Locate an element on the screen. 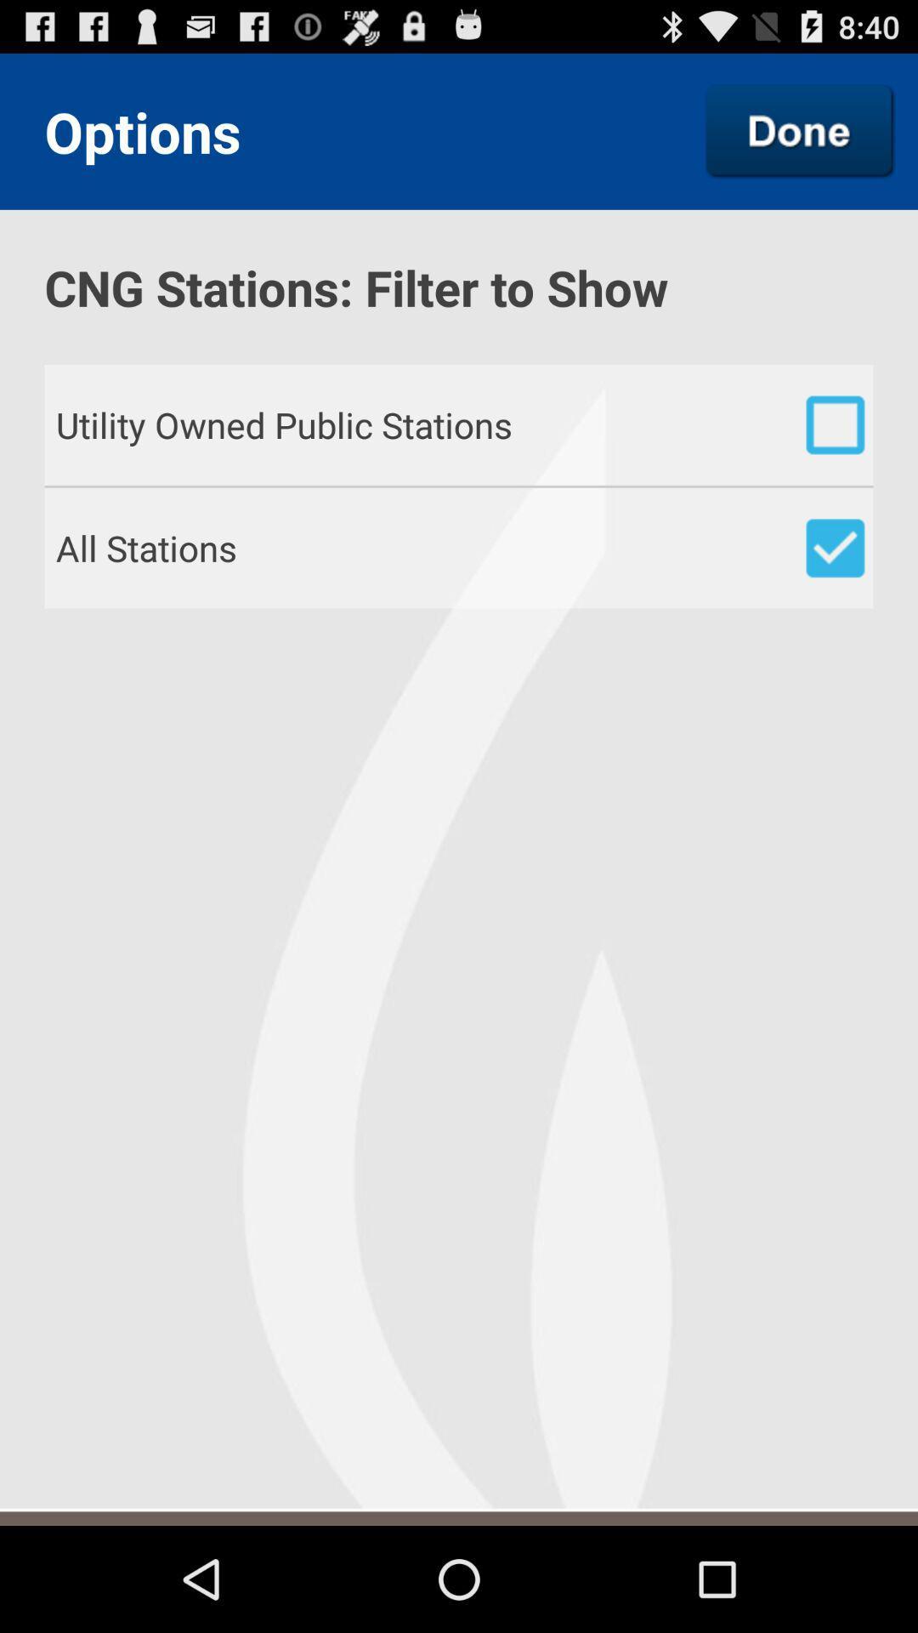 This screenshot has height=1633, width=918. go back is located at coordinates (800, 130).